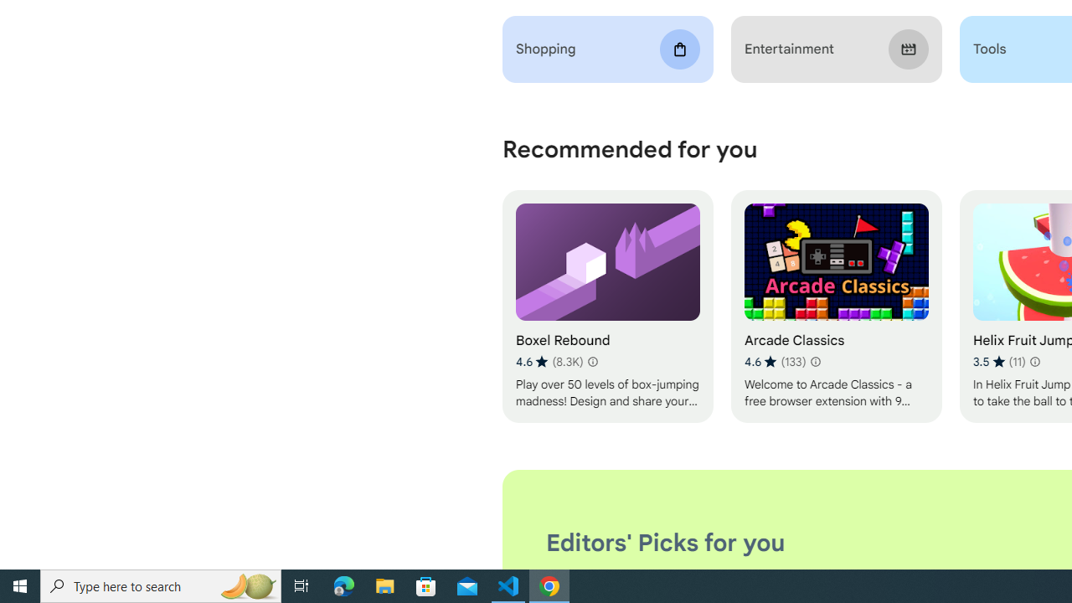 This screenshot has height=603, width=1072. Describe the element at coordinates (549, 361) in the screenshot. I see `'Average rating 4.6 out of 5 stars. 8.3K ratings.'` at that location.